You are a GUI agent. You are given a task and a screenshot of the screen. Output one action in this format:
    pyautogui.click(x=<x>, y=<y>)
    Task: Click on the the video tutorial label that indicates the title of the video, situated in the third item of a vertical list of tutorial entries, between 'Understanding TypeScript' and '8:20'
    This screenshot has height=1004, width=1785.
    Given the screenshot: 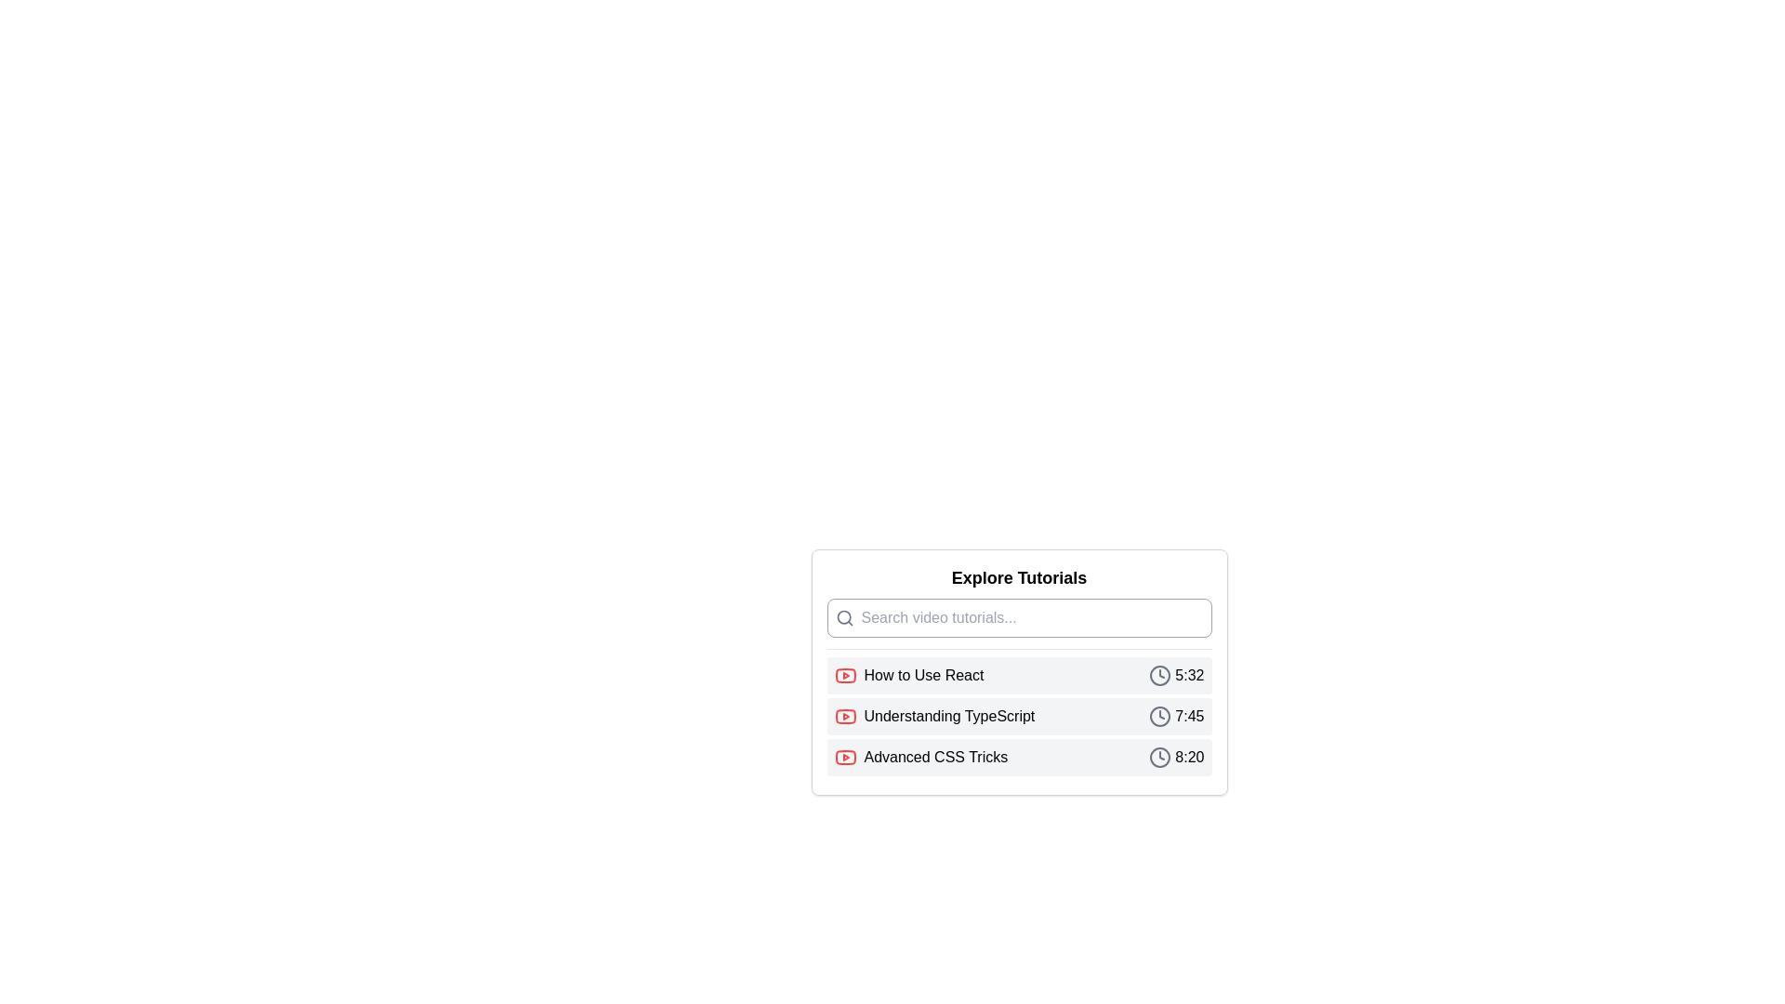 What is the action you would take?
    pyautogui.click(x=920, y=757)
    